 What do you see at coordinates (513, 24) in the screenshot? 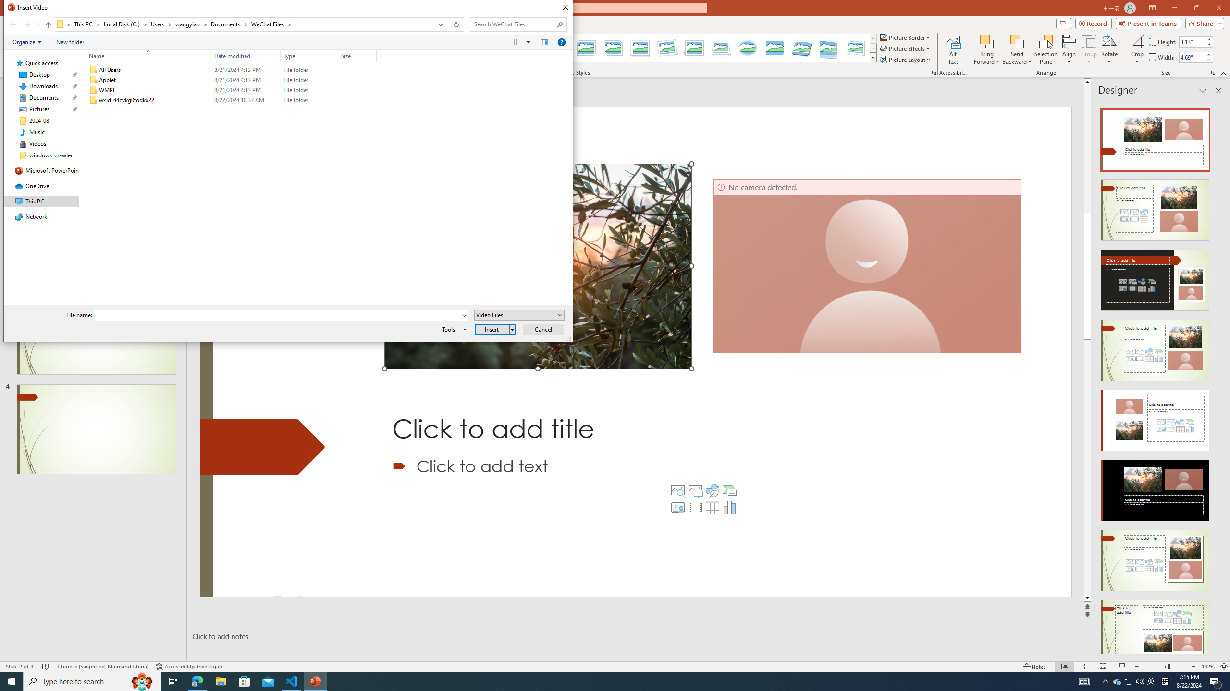
I see `'Search Box'` at bounding box center [513, 24].